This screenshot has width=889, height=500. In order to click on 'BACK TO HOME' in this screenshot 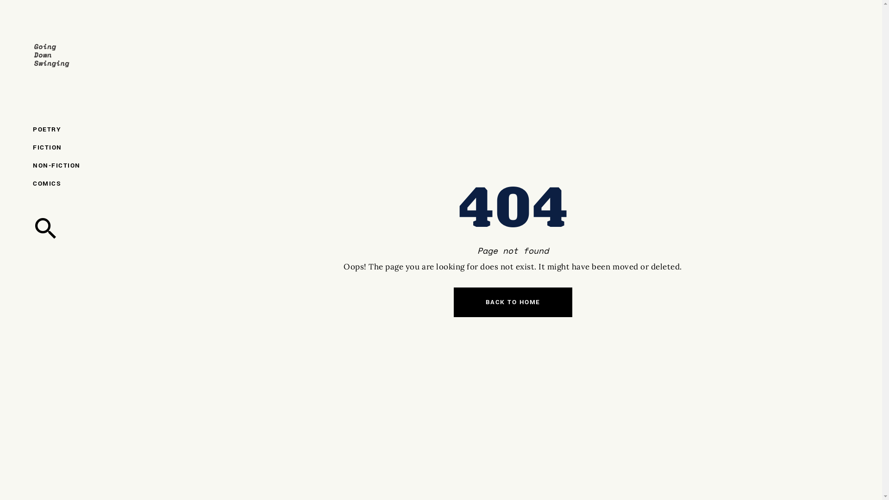, I will do `click(513, 302)`.